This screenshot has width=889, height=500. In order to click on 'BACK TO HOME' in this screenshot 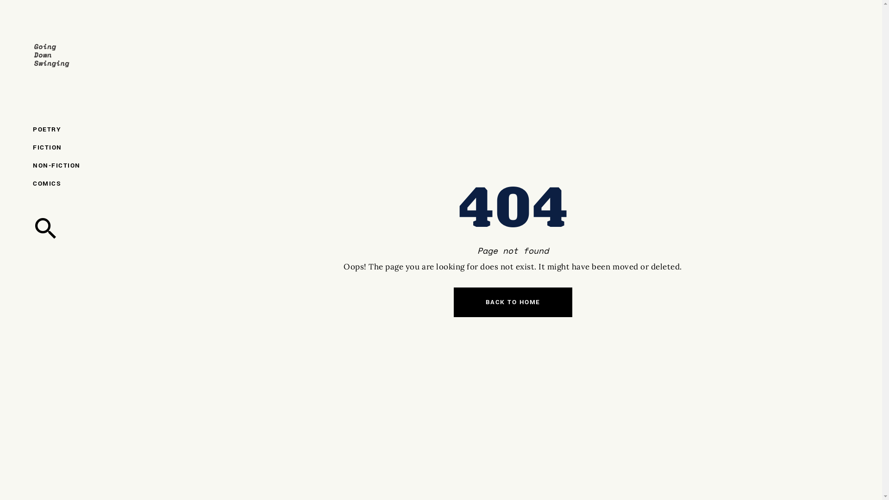, I will do `click(513, 302)`.